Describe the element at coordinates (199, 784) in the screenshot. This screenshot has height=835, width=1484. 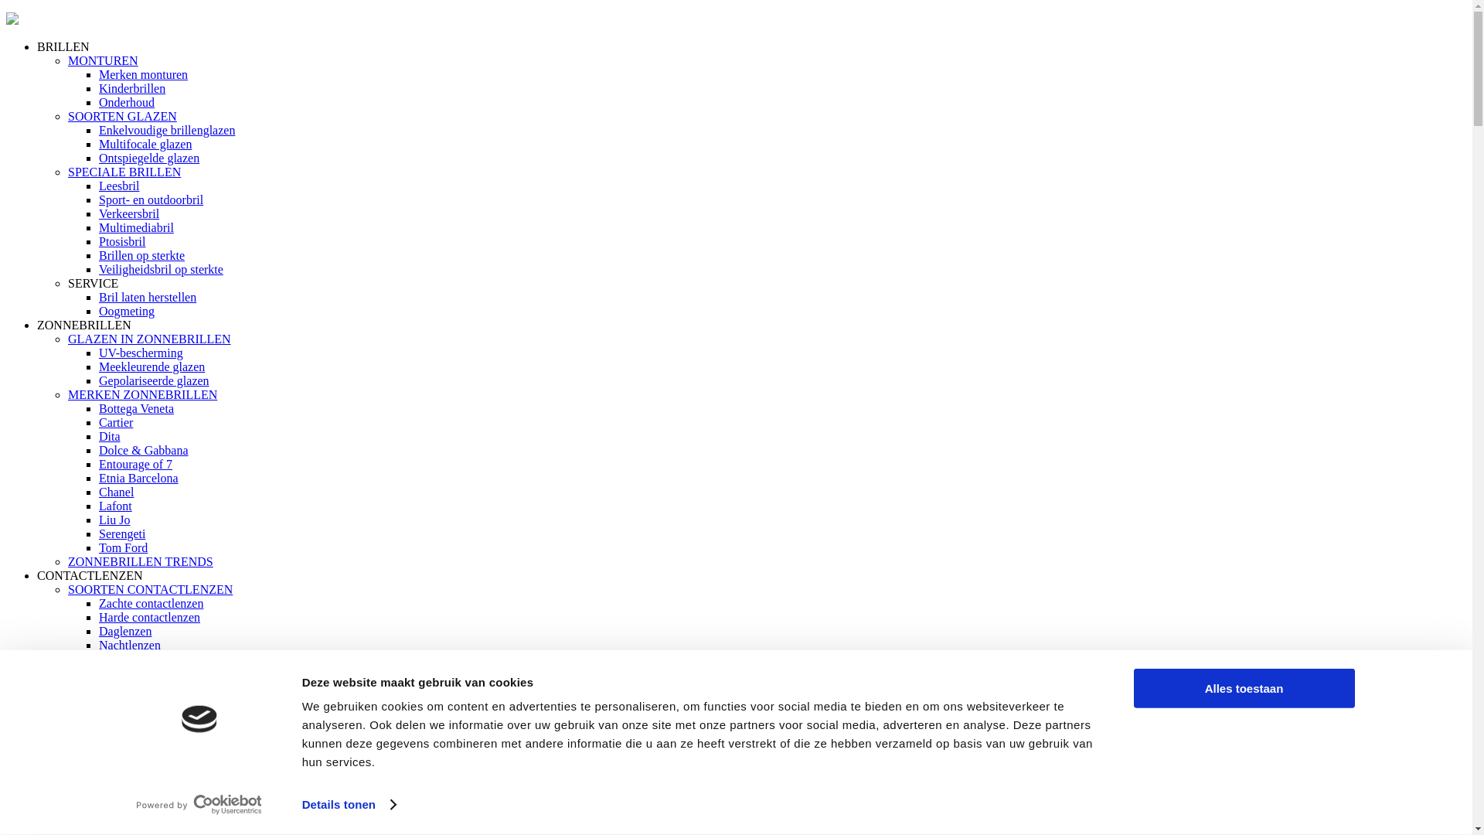
I see `'Vaakgestelde vragen over Contactlenzen'` at that location.